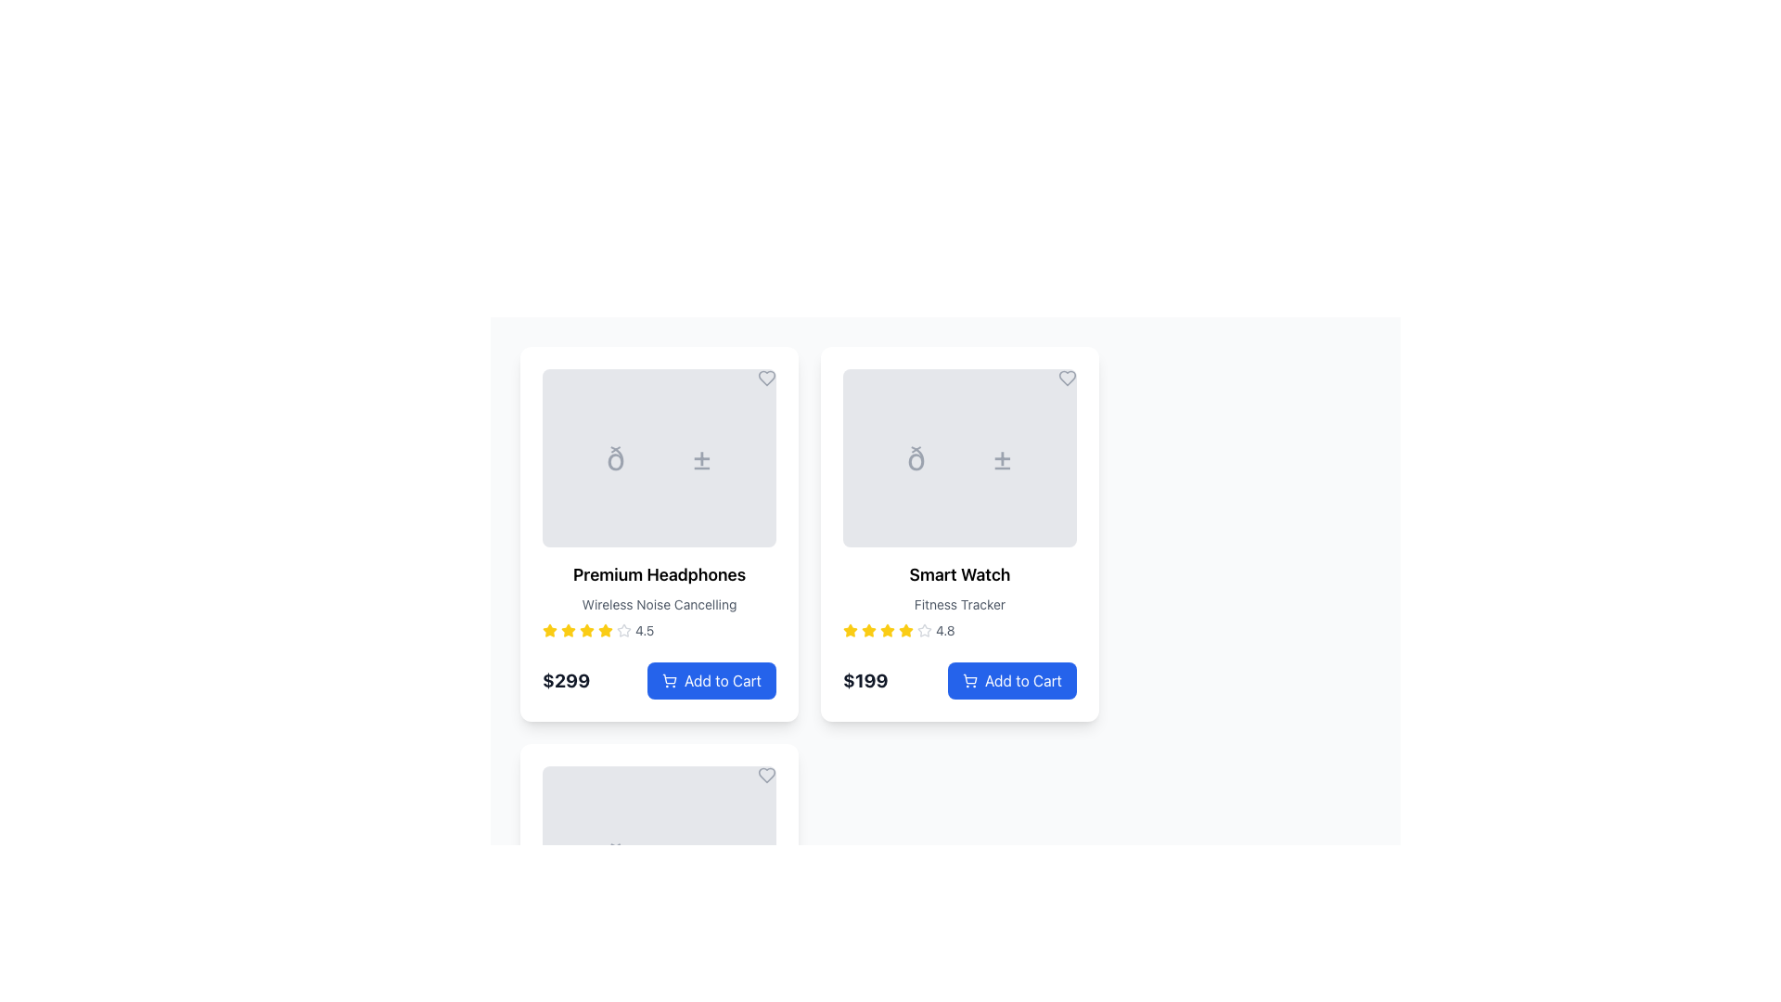 The image size is (1781, 1002). I want to click on the third star icon in the row of five stars under the product description to interact with the rating system, so click(605, 629).